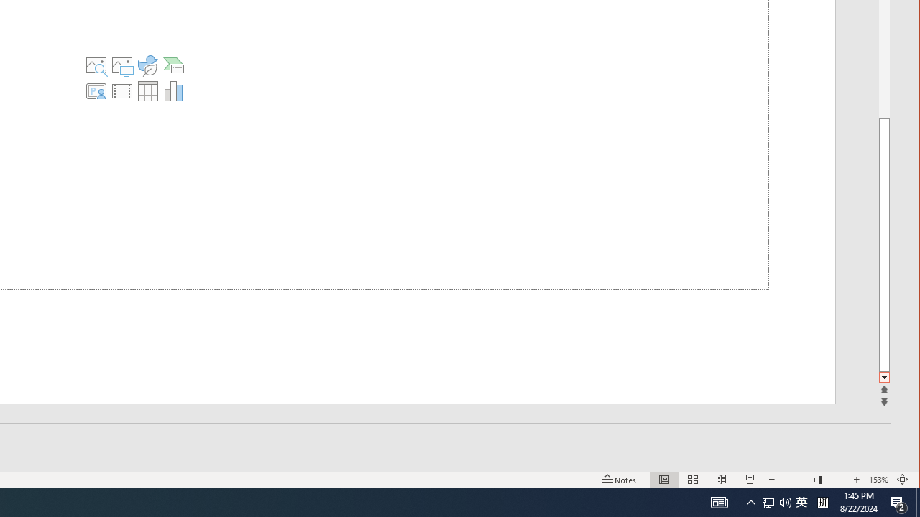 The height and width of the screenshot is (517, 920). What do you see at coordinates (121, 91) in the screenshot?
I see `'Insert Video'` at bounding box center [121, 91].